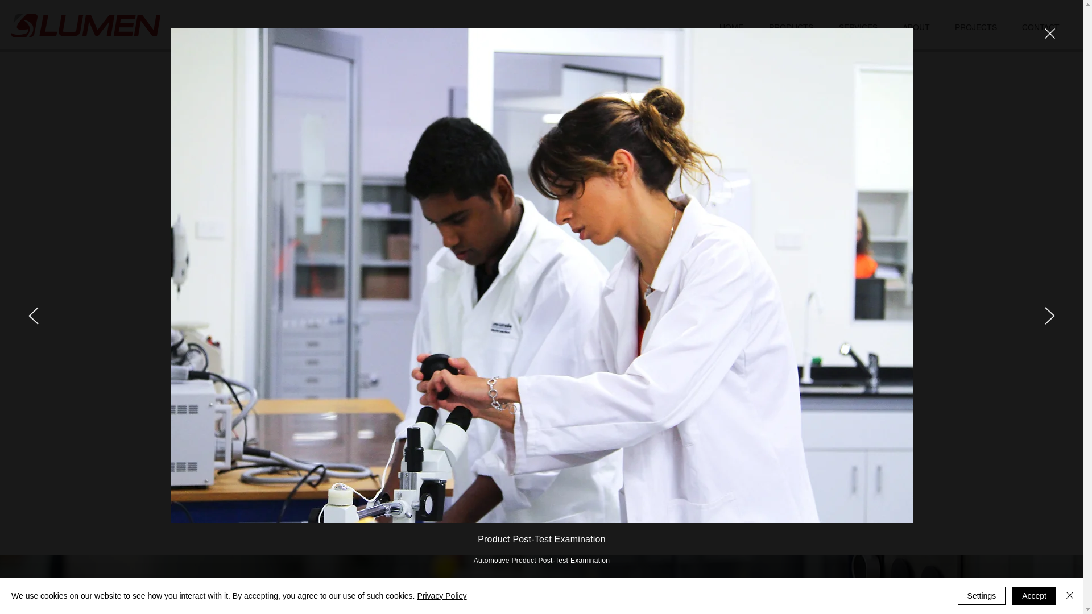  Describe the element at coordinates (916, 27) in the screenshot. I see `'ABOUT'` at that location.